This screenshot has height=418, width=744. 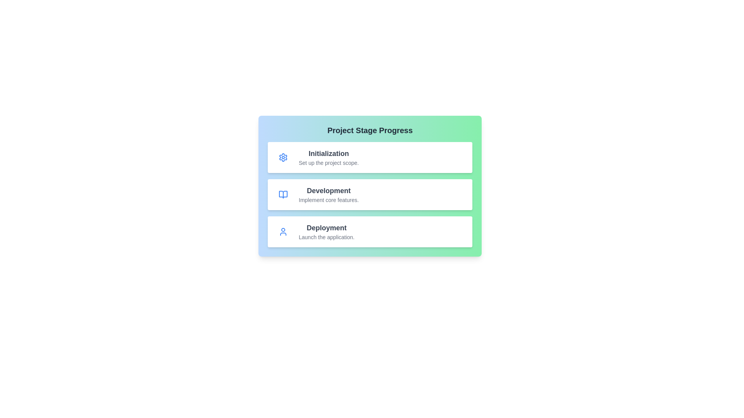 What do you see at coordinates (329, 199) in the screenshot?
I see `the descriptive text label providing additional context about the 'Development' stage in the application, located in the 'Development' section to the right of the stage icon` at bounding box center [329, 199].